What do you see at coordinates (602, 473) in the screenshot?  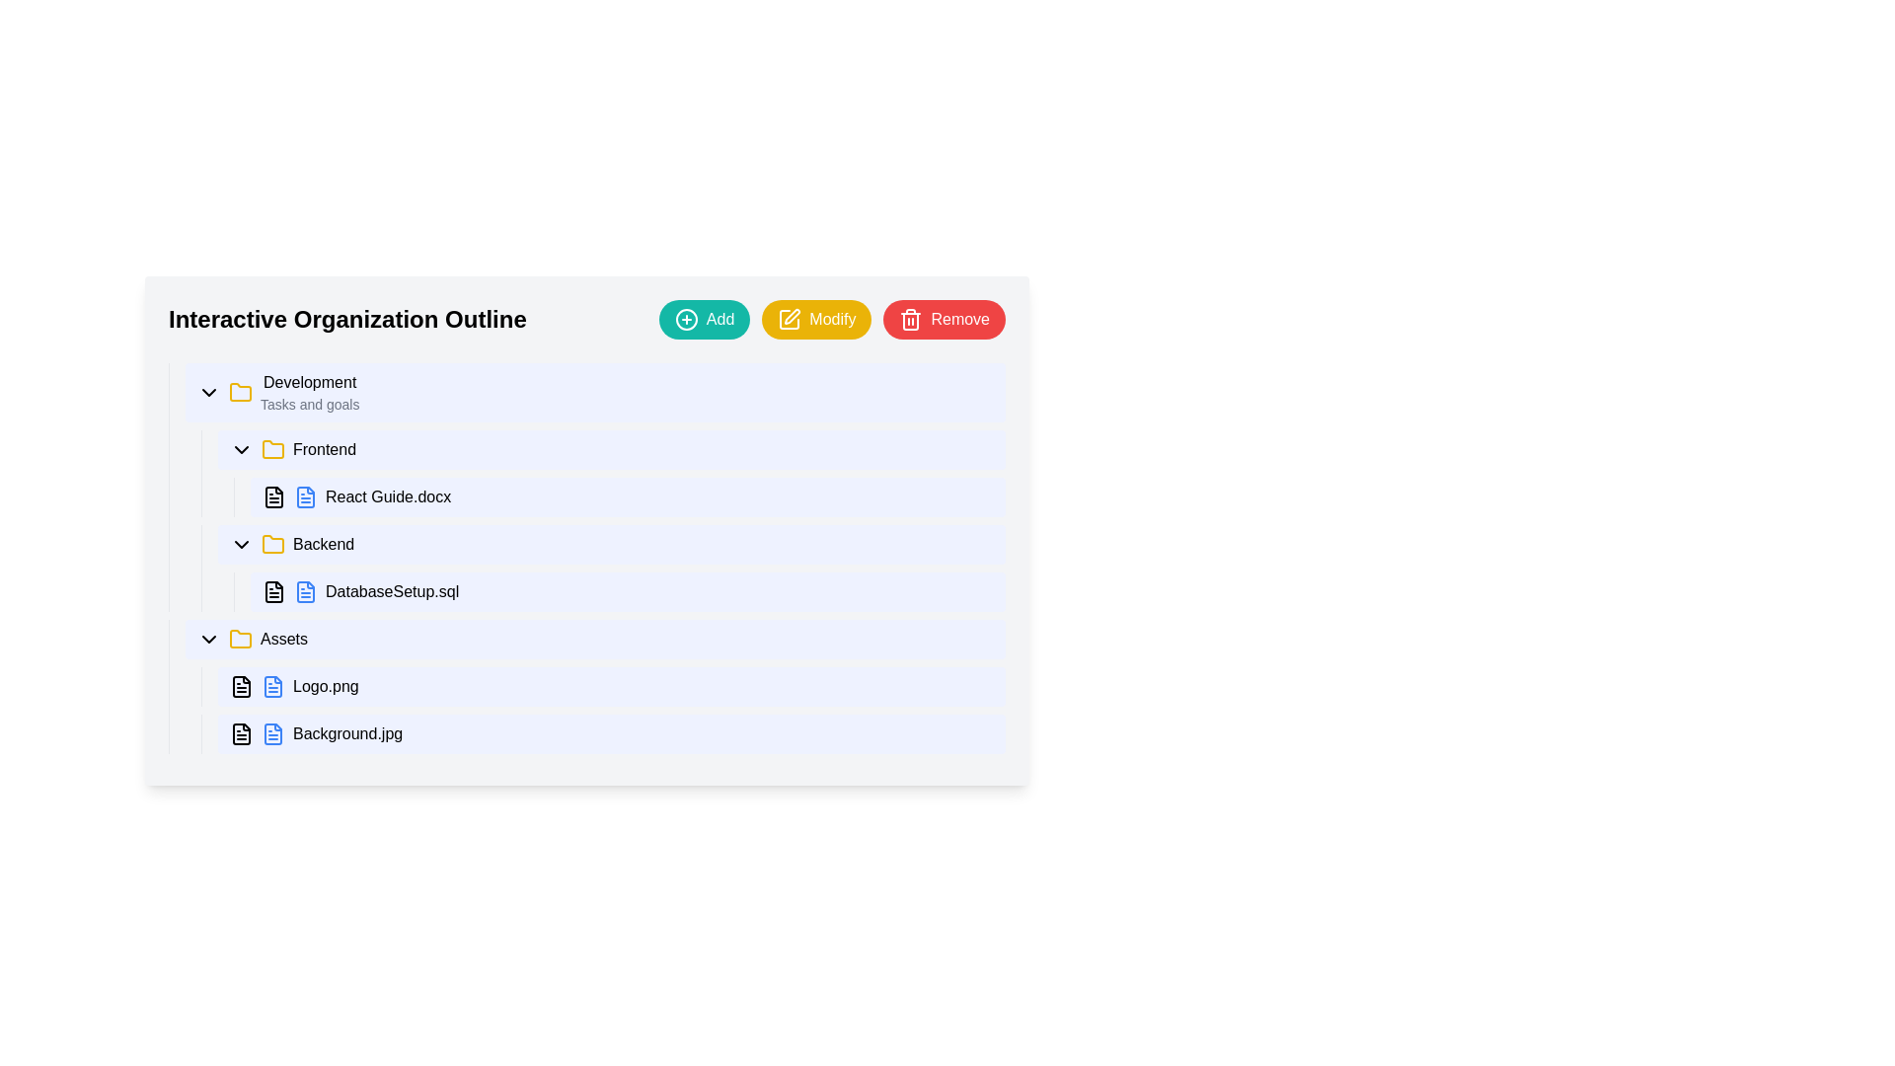 I see `the File entry labeled 'React Guide.docx' located under the 'Frontend' section` at bounding box center [602, 473].